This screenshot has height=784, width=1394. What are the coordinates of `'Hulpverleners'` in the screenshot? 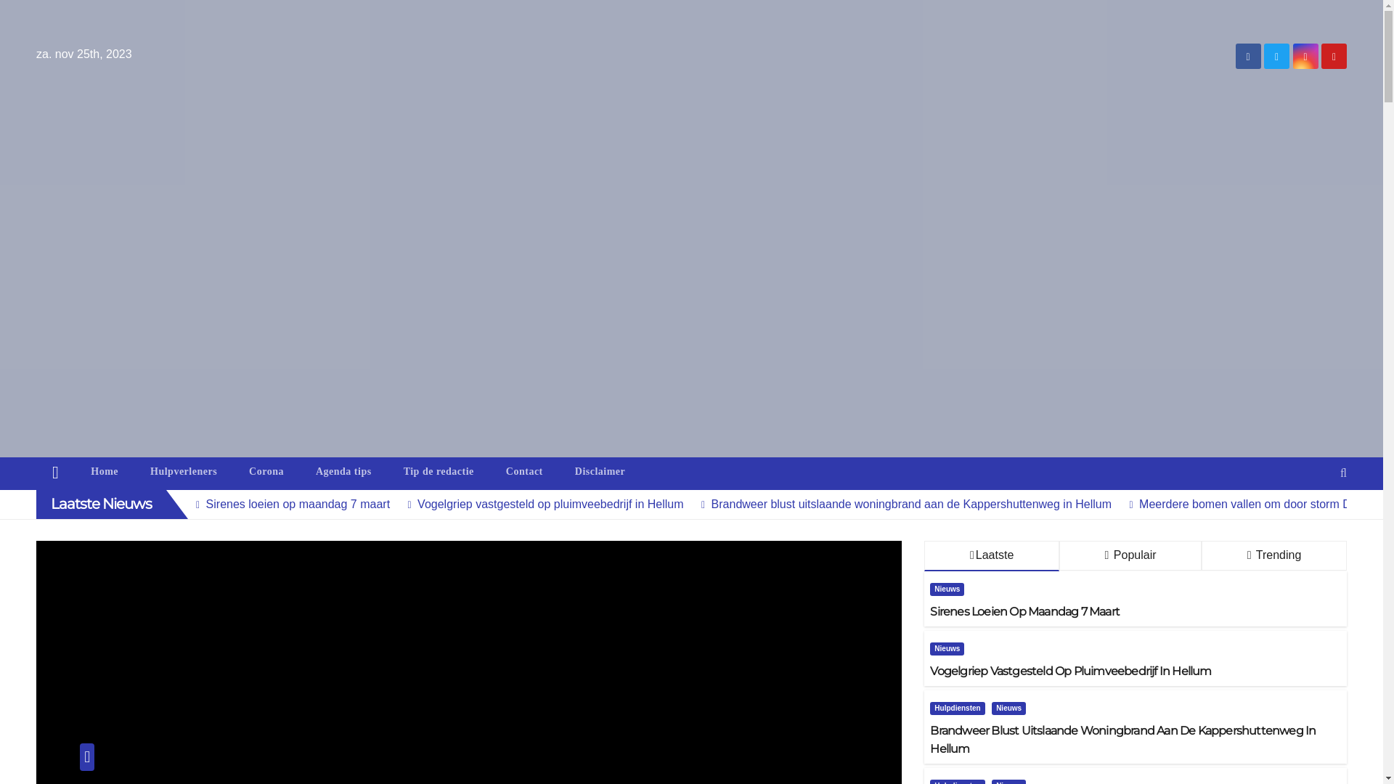 It's located at (183, 472).